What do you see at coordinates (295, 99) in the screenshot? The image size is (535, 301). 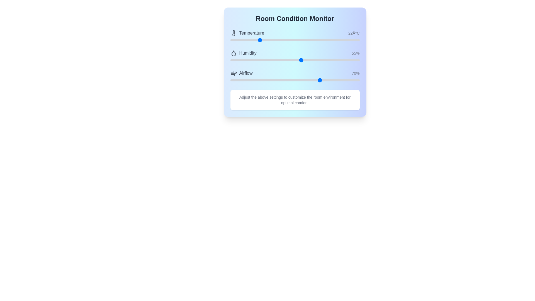 I see `descriptive instruction text provided in the Informational text component located at the bottom of the 'Room Condition Monitor' card, which is centered beneath the sliders for Temperature, Humidity, and Airflow adjustments` at bounding box center [295, 99].